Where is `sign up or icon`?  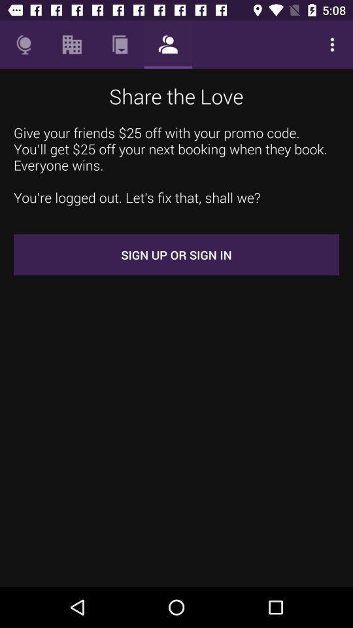 sign up or icon is located at coordinates (176, 254).